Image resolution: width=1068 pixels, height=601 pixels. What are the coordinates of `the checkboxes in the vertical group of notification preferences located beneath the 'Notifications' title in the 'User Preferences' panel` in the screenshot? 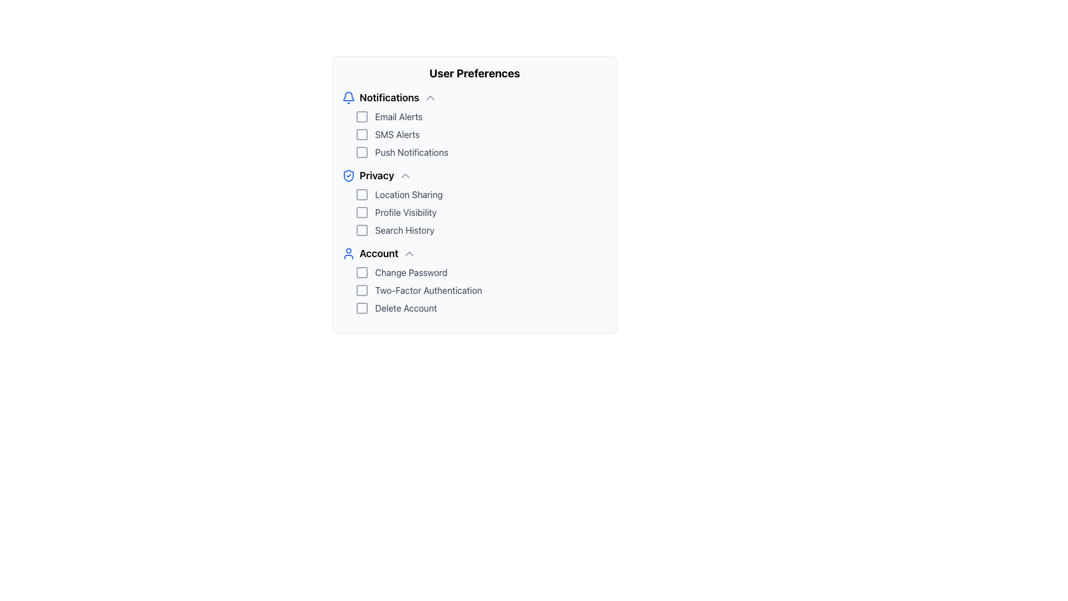 It's located at (474, 134).